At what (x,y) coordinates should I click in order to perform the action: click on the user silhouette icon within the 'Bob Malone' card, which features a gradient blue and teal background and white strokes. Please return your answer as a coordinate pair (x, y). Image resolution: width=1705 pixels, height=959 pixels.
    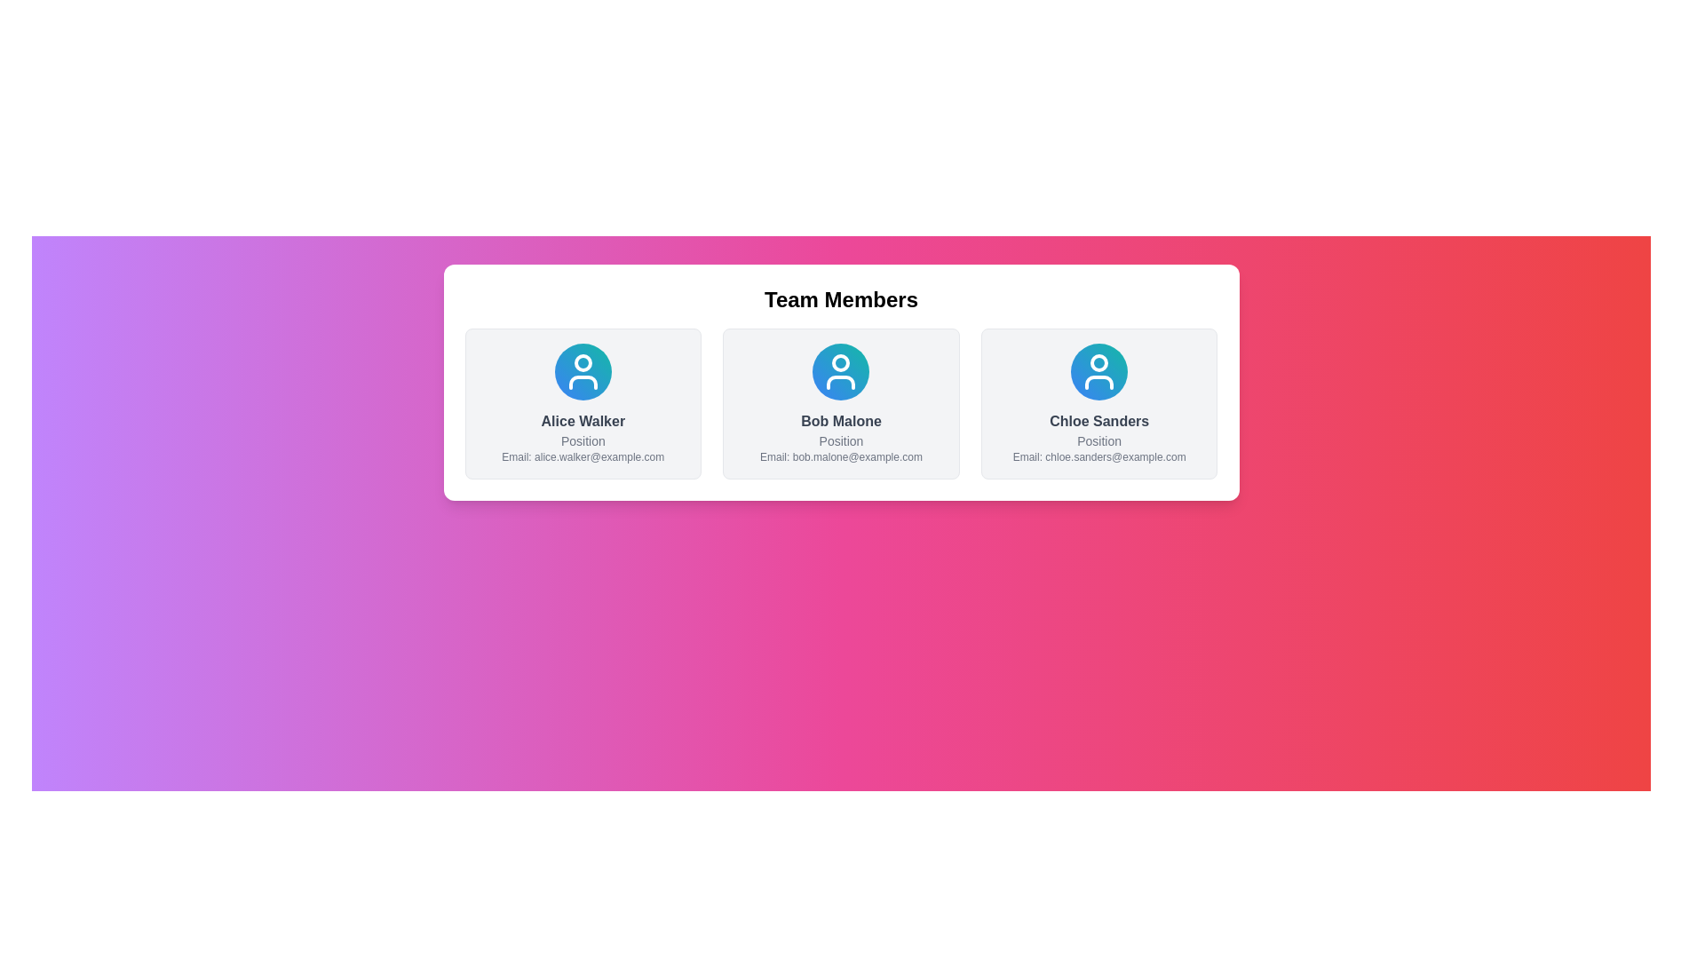
    Looking at the image, I should click on (840, 371).